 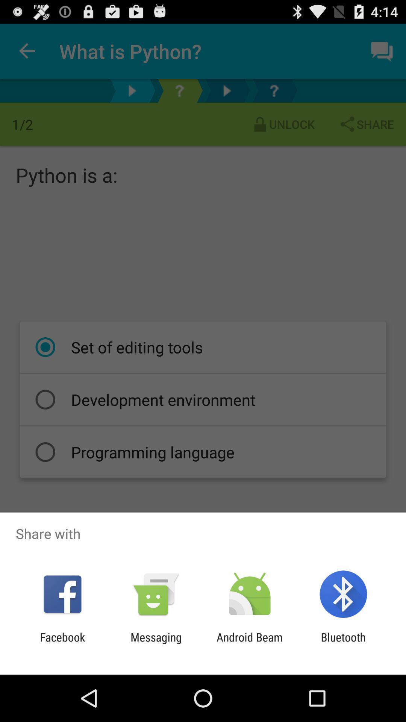 What do you see at coordinates (343, 643) in the screenshot?
I see `app to the right of the android beam app` at bounding box center [343, 643].